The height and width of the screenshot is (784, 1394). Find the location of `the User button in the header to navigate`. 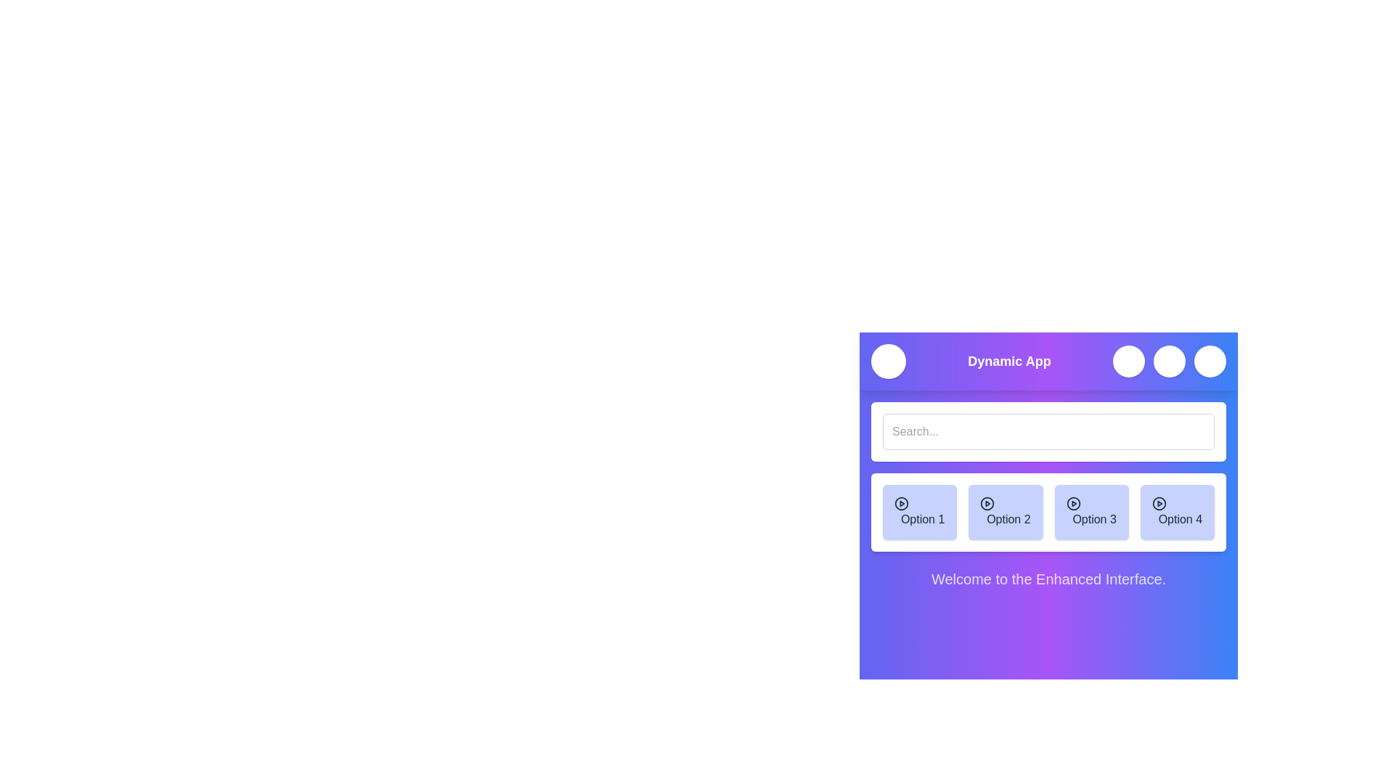

the User button in the header to navigate is located at coordinates (1210, 360).